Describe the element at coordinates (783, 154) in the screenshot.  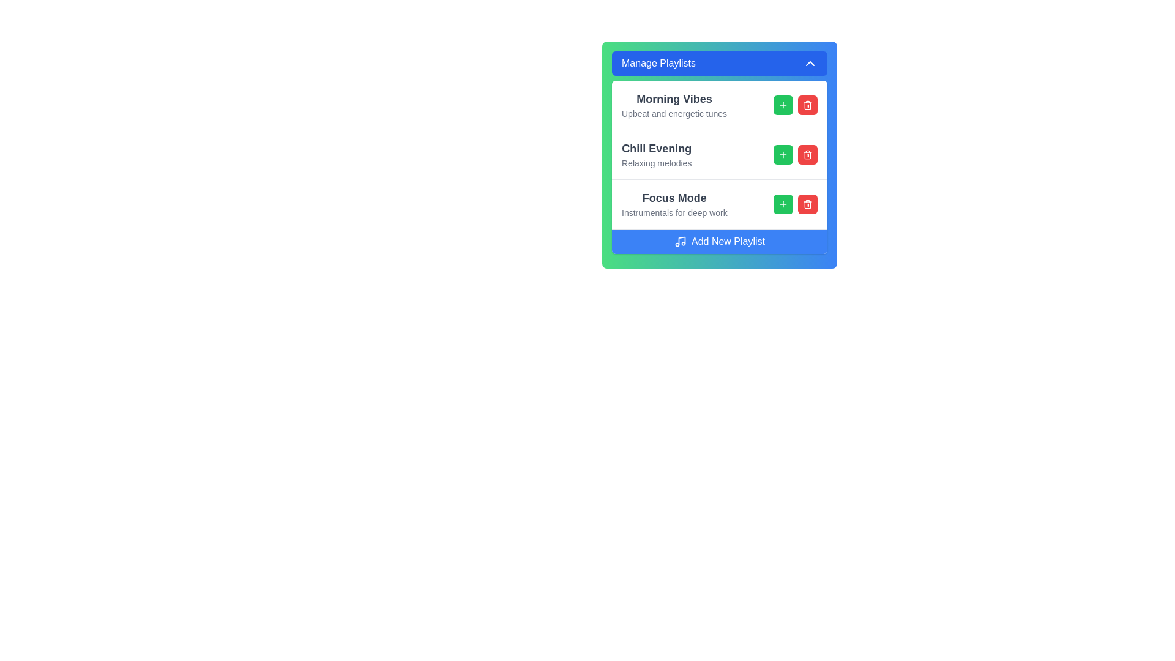
I see `the green circular icon button to the right of the 'Morning Vibes' text` at that location.